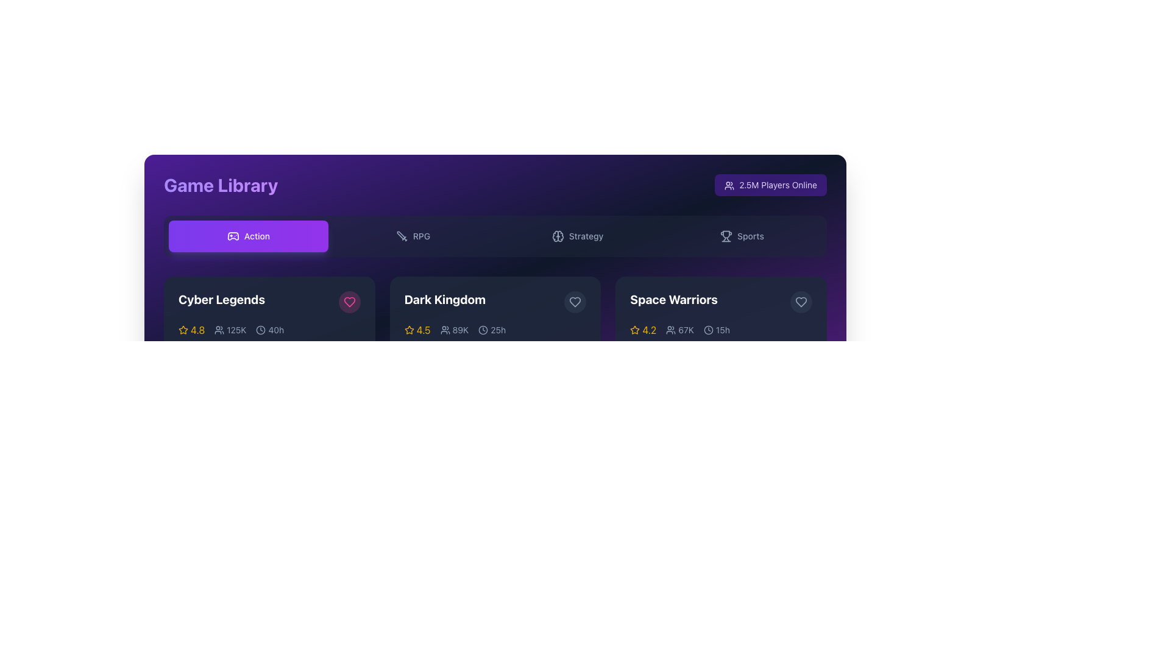 The height and width of the screenshot is (658, 1170). What do you see at coordinates (557, 236) in the screenshot?
I see `the SVG icon of a brain located to the left of the text 'Strategy' in the horizontal menu` at bounding box center [557, 236].